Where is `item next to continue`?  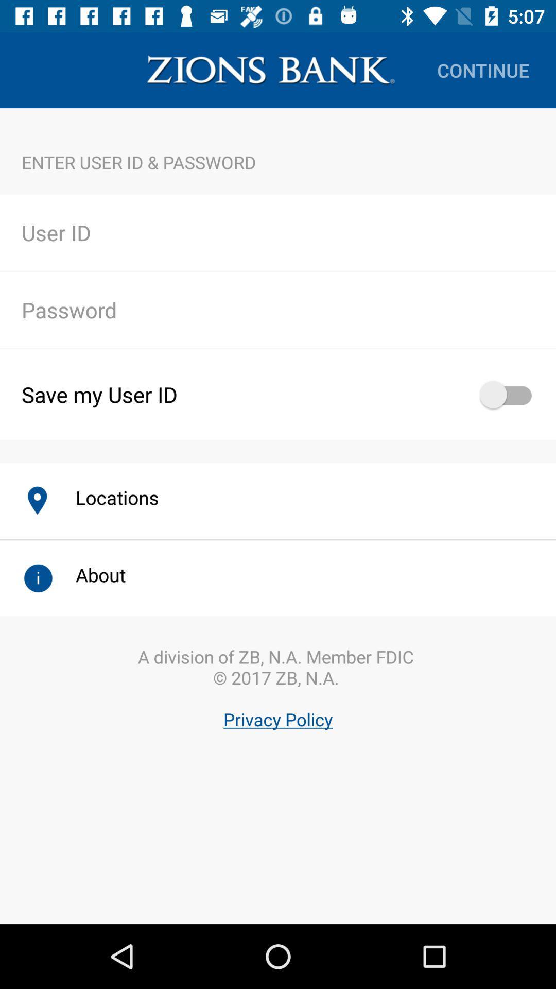
item next to continue is located at coordinates (270, 70).